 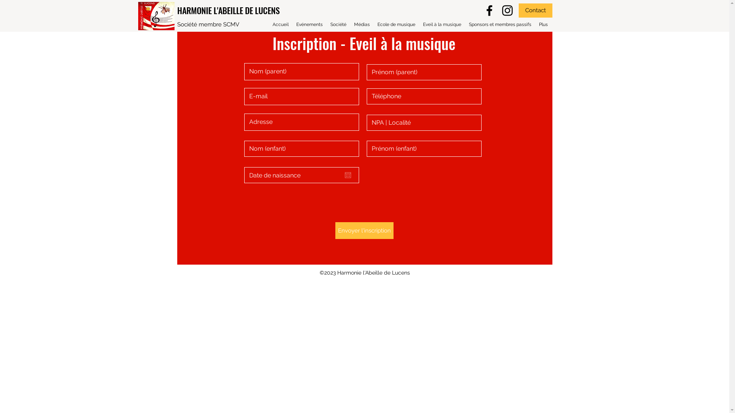 What do you see at coordinates (280, 24) in the screenshot?
I see `'Accueil'` at bounding box center [280, 24].